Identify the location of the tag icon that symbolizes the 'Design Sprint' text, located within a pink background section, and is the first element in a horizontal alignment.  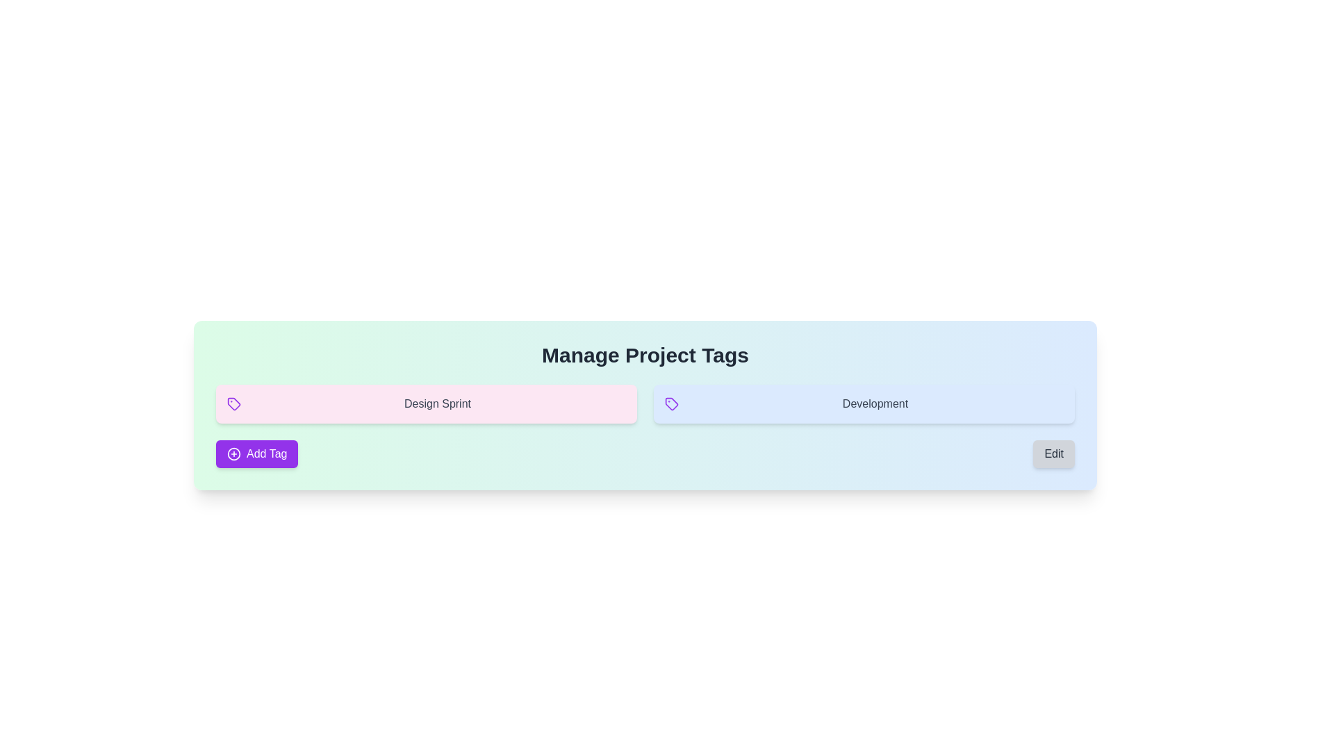
(233, 404).